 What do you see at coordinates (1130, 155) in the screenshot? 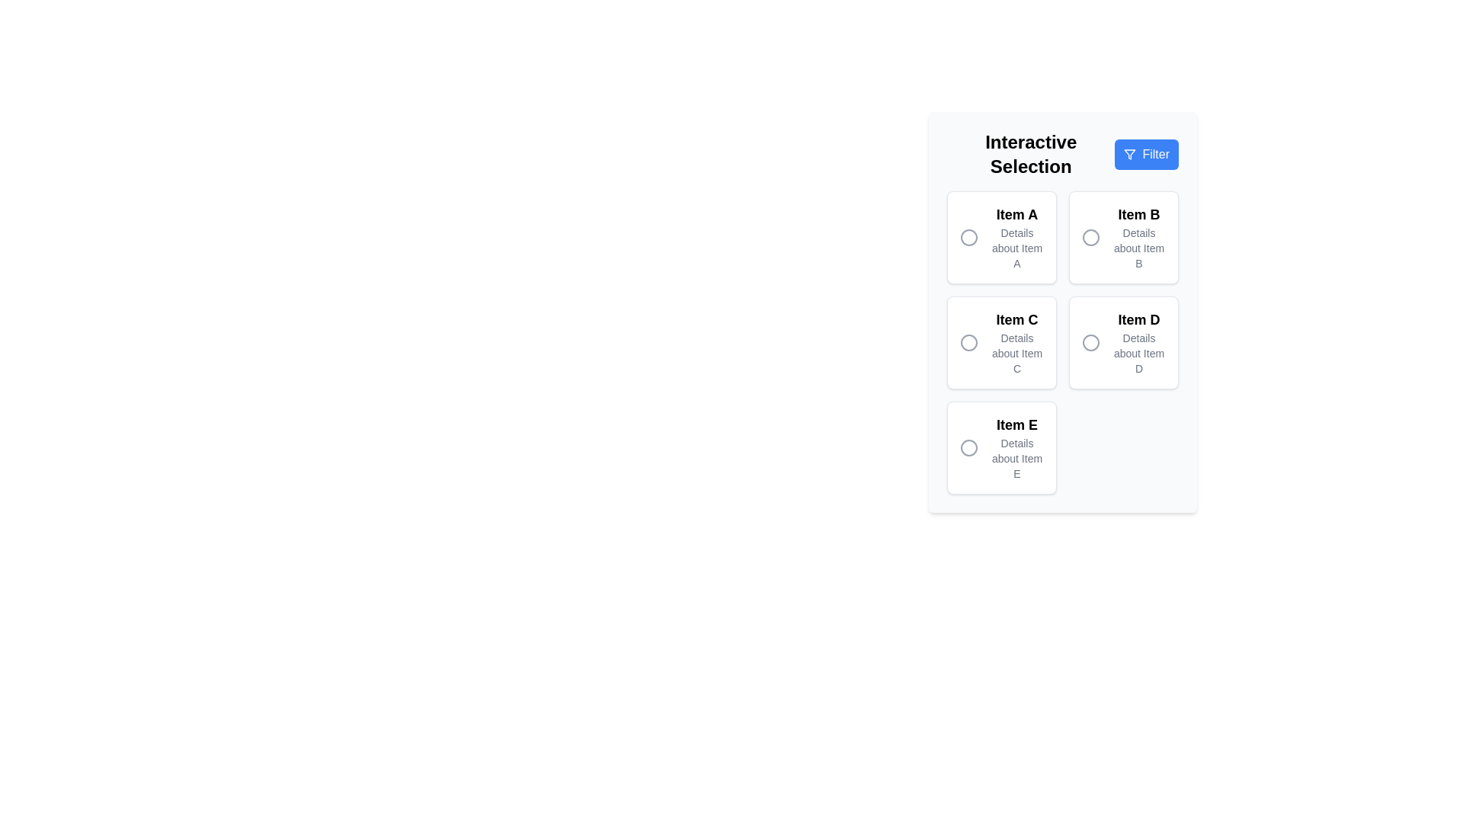
I see `the funnel icon located within the 'Filter' button at the top-right corner of the interactive selection panel` at bounding box center [1130, 155].